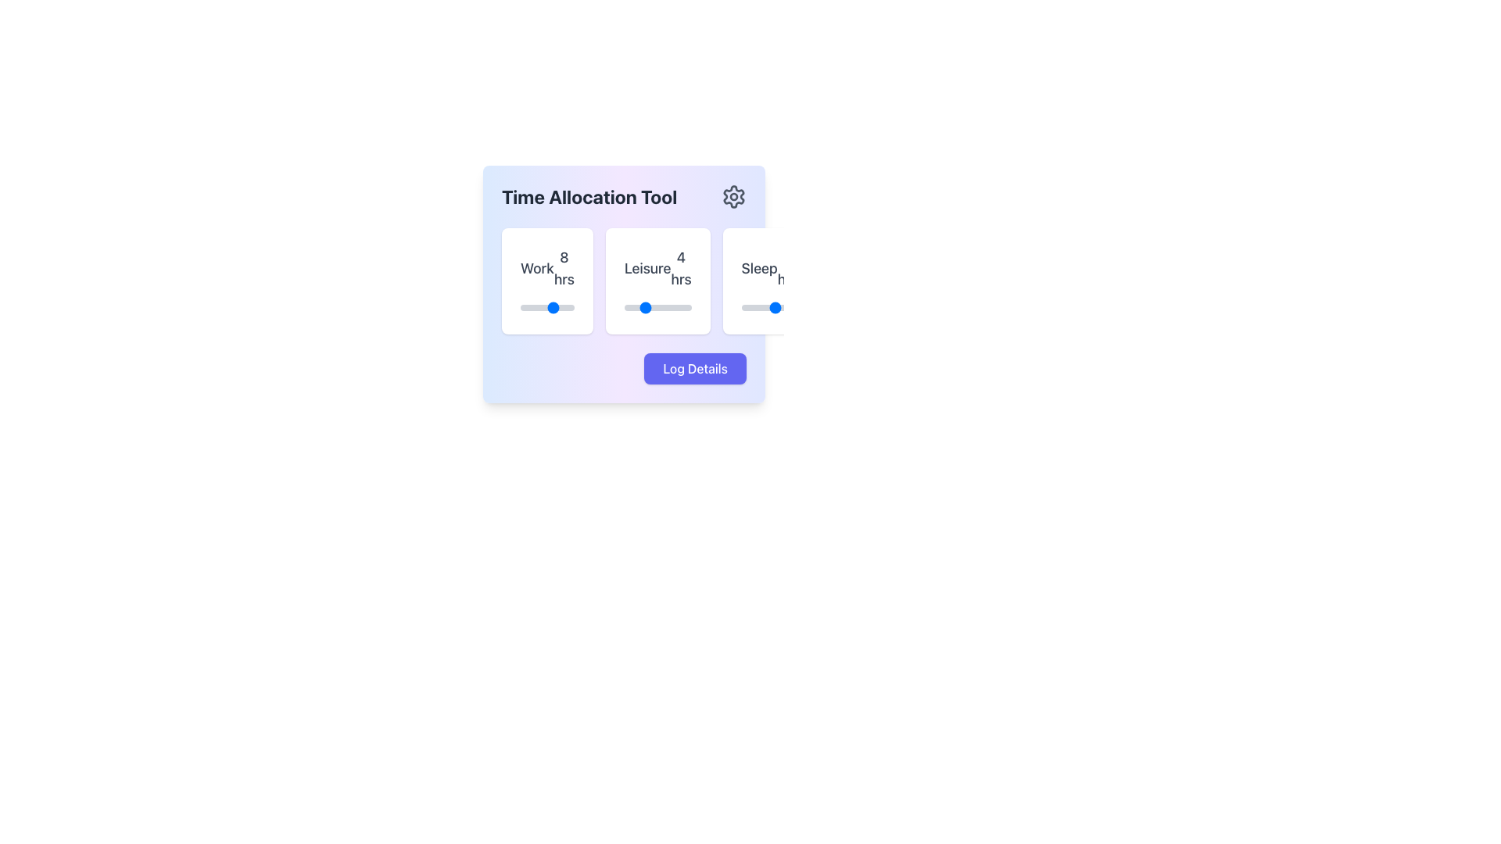 The image size is (1501, 844). I want to click on the settings icon represented by a gear-like visual located in the top-right corner of the 'Time Allocation Tool' interface, so click(733, 195).